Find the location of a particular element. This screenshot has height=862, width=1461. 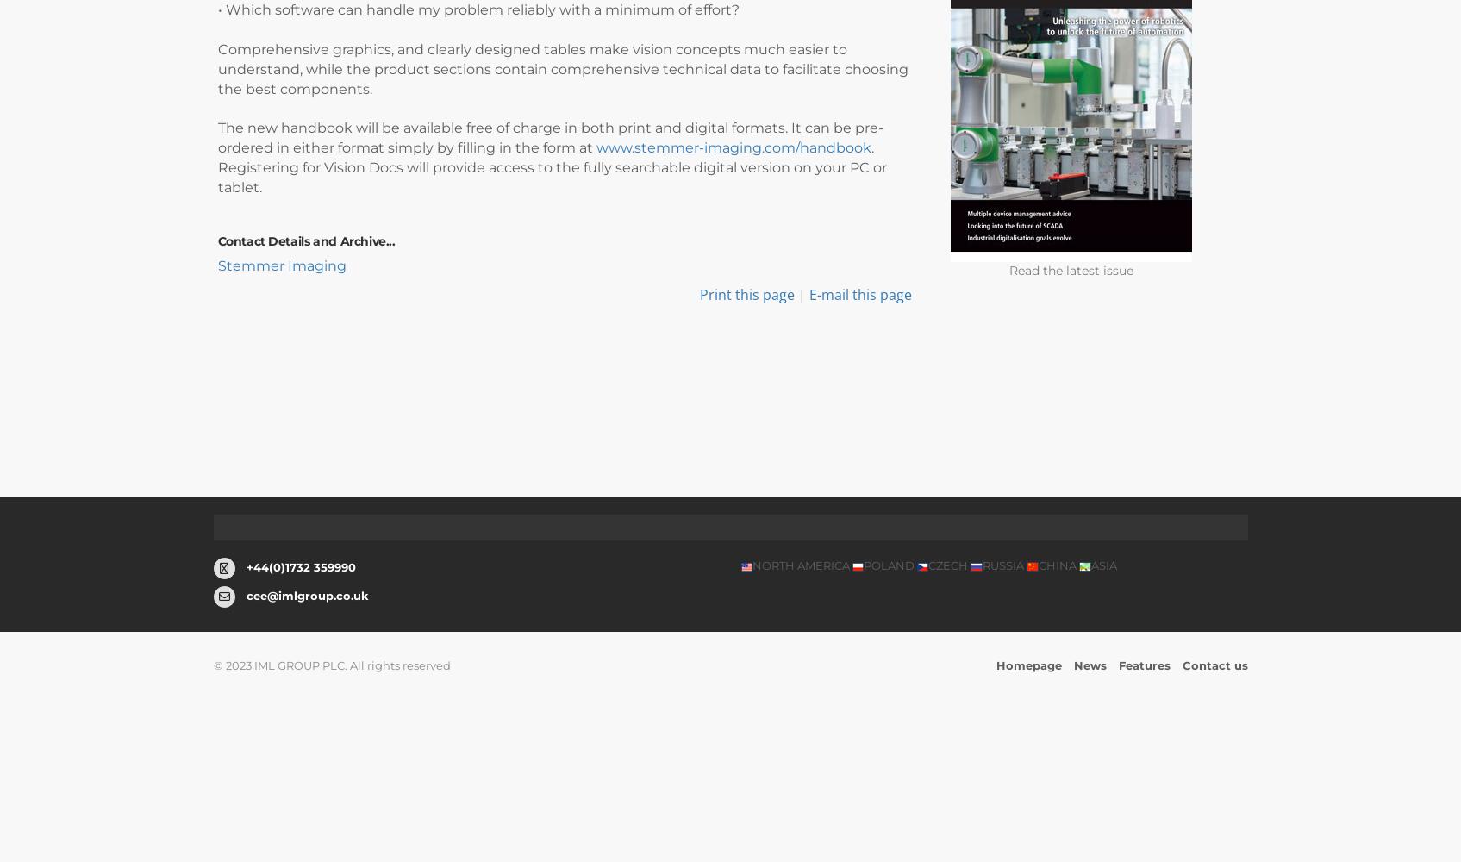

'Features' is located at coordinates (1144, 665).